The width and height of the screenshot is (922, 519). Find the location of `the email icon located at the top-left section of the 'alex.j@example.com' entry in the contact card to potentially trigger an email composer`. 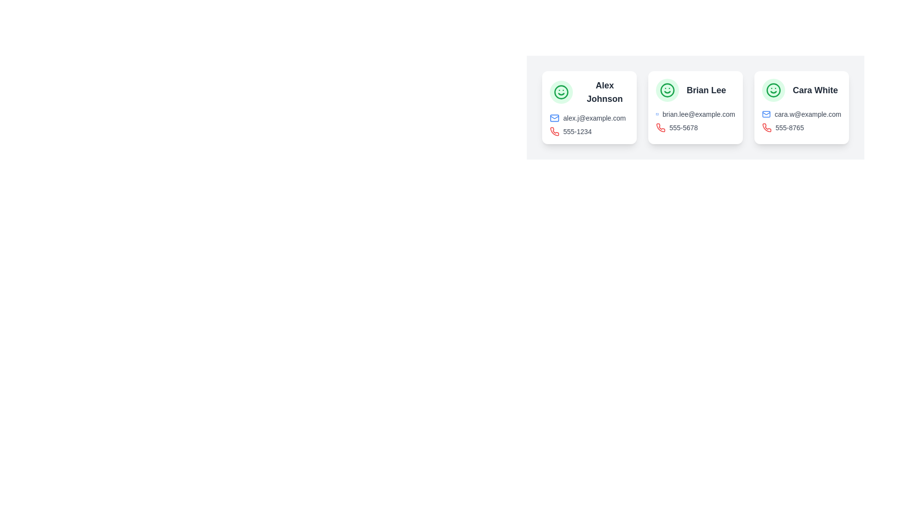

the email icon located at the top-left section of the 'alex.j@example.com' entry in the contact card to potentially trigger an email composer is located at coordinates (555, 118).